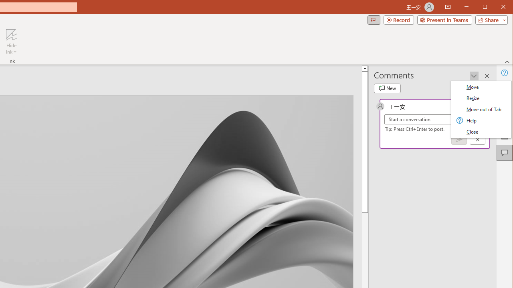 This screenshot has height=288, width=513. What do you see at coordinates (487, 76) in the screenshot?
I see `'Close pane'` at bounding box center [487, 76].